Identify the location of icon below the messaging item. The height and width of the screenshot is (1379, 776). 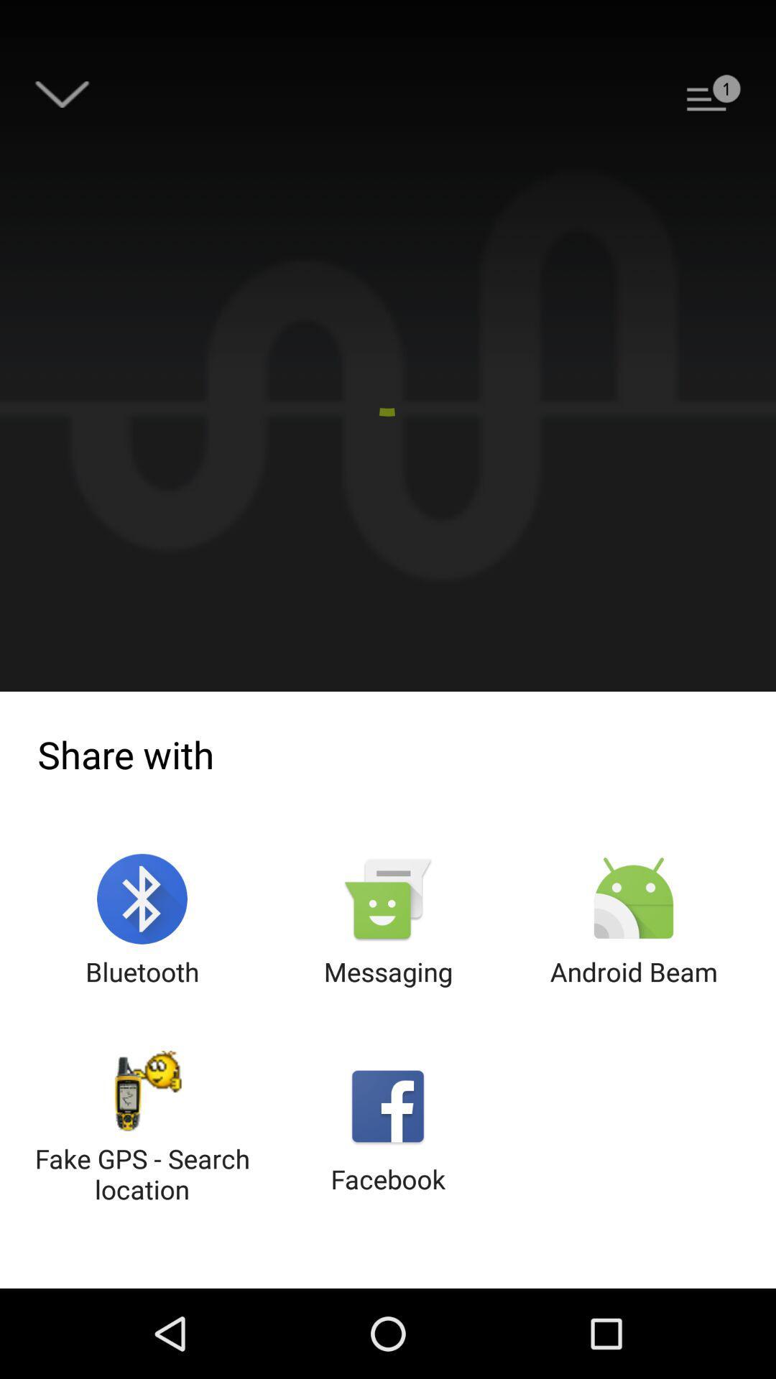
(388, 1128).